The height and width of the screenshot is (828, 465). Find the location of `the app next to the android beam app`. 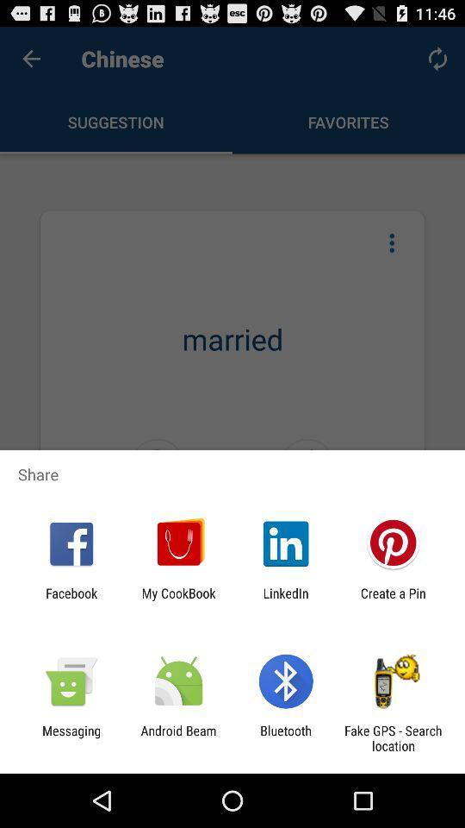

the app next to the android beam app is located at coordinates (71, 737).